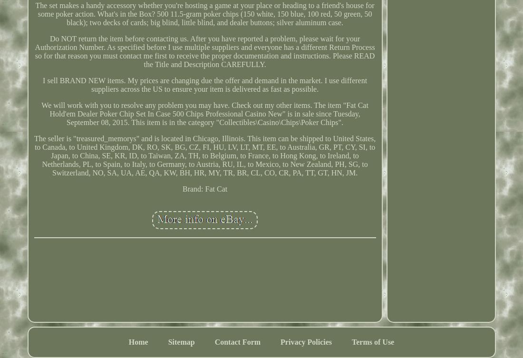 This screenshot has height=358, width=523. I want to click on 'Brand: Fat Cat', so click(183, 188).